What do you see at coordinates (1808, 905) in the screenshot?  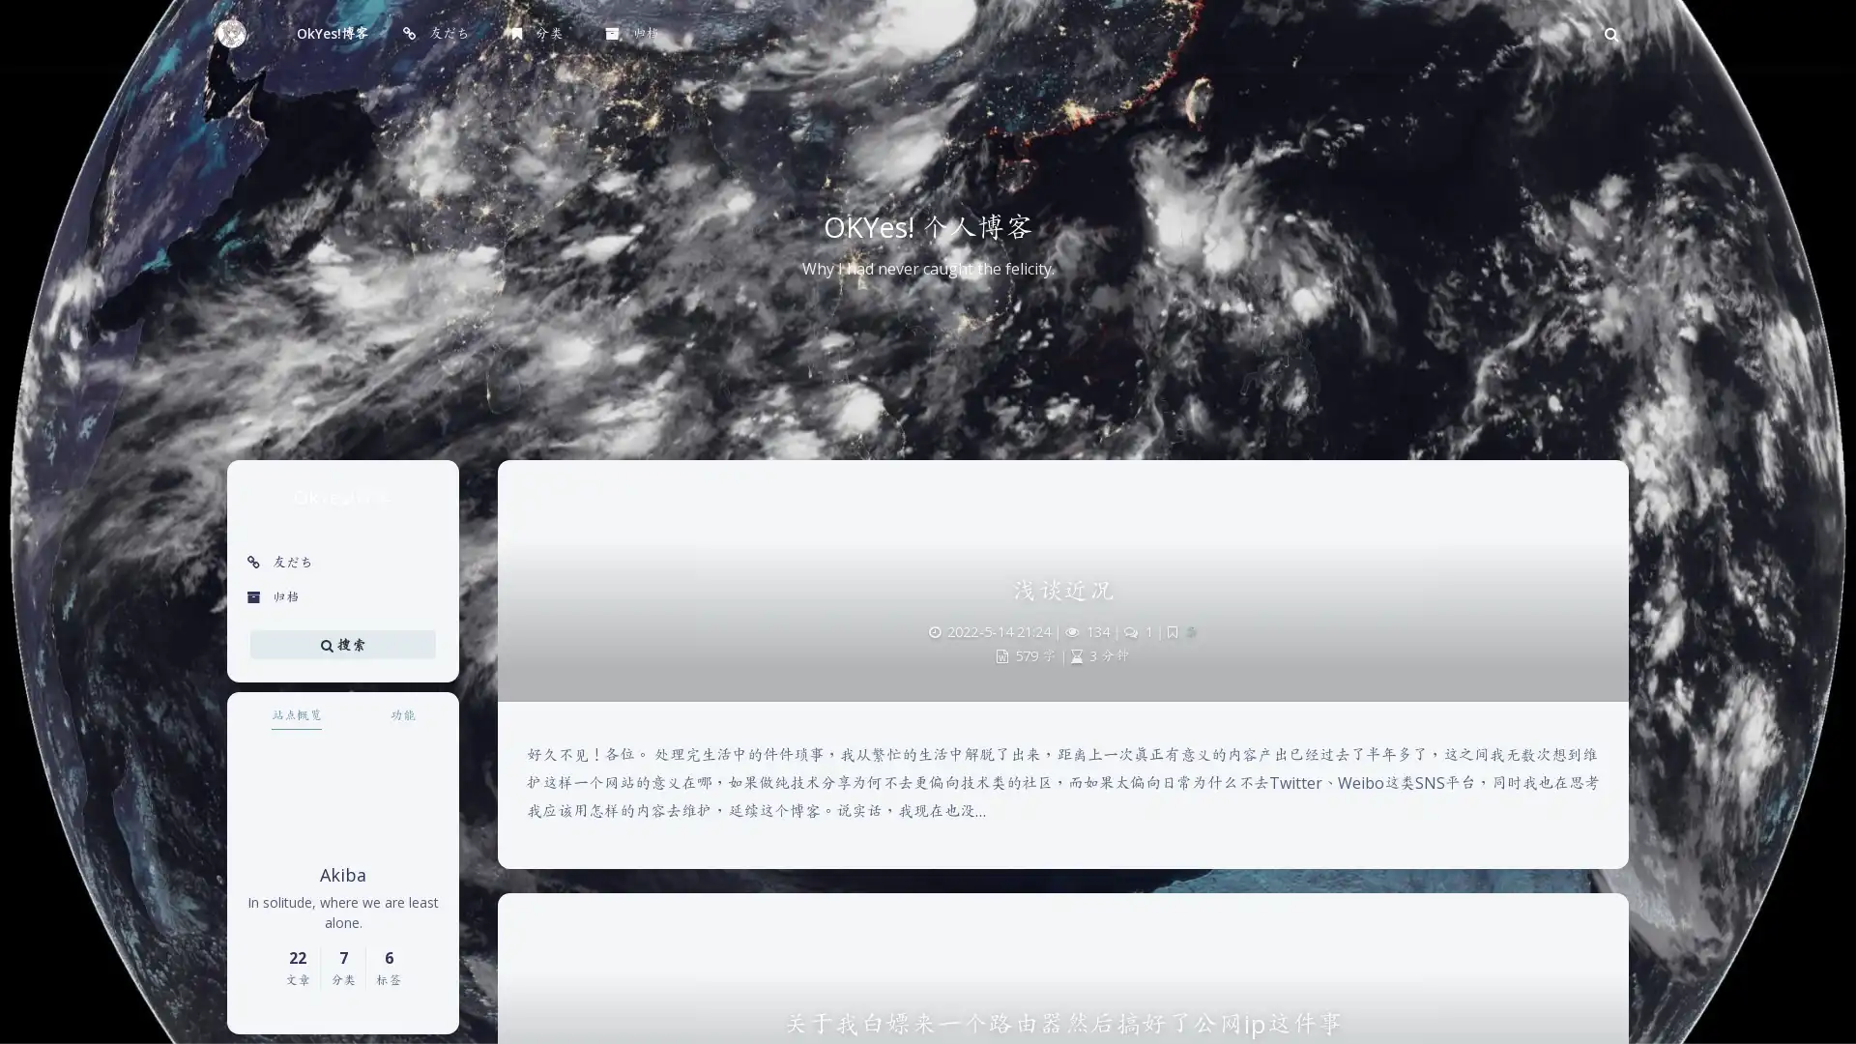 I see `Back To Top` at bounding box center [1808, 905].